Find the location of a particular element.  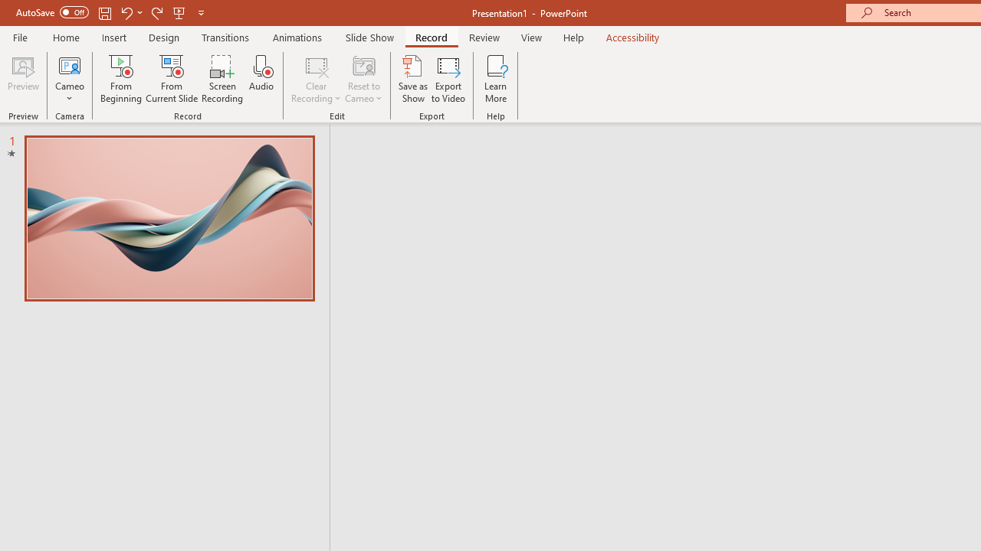

'Reset to Cameo' is located at coordinates (363, 79).